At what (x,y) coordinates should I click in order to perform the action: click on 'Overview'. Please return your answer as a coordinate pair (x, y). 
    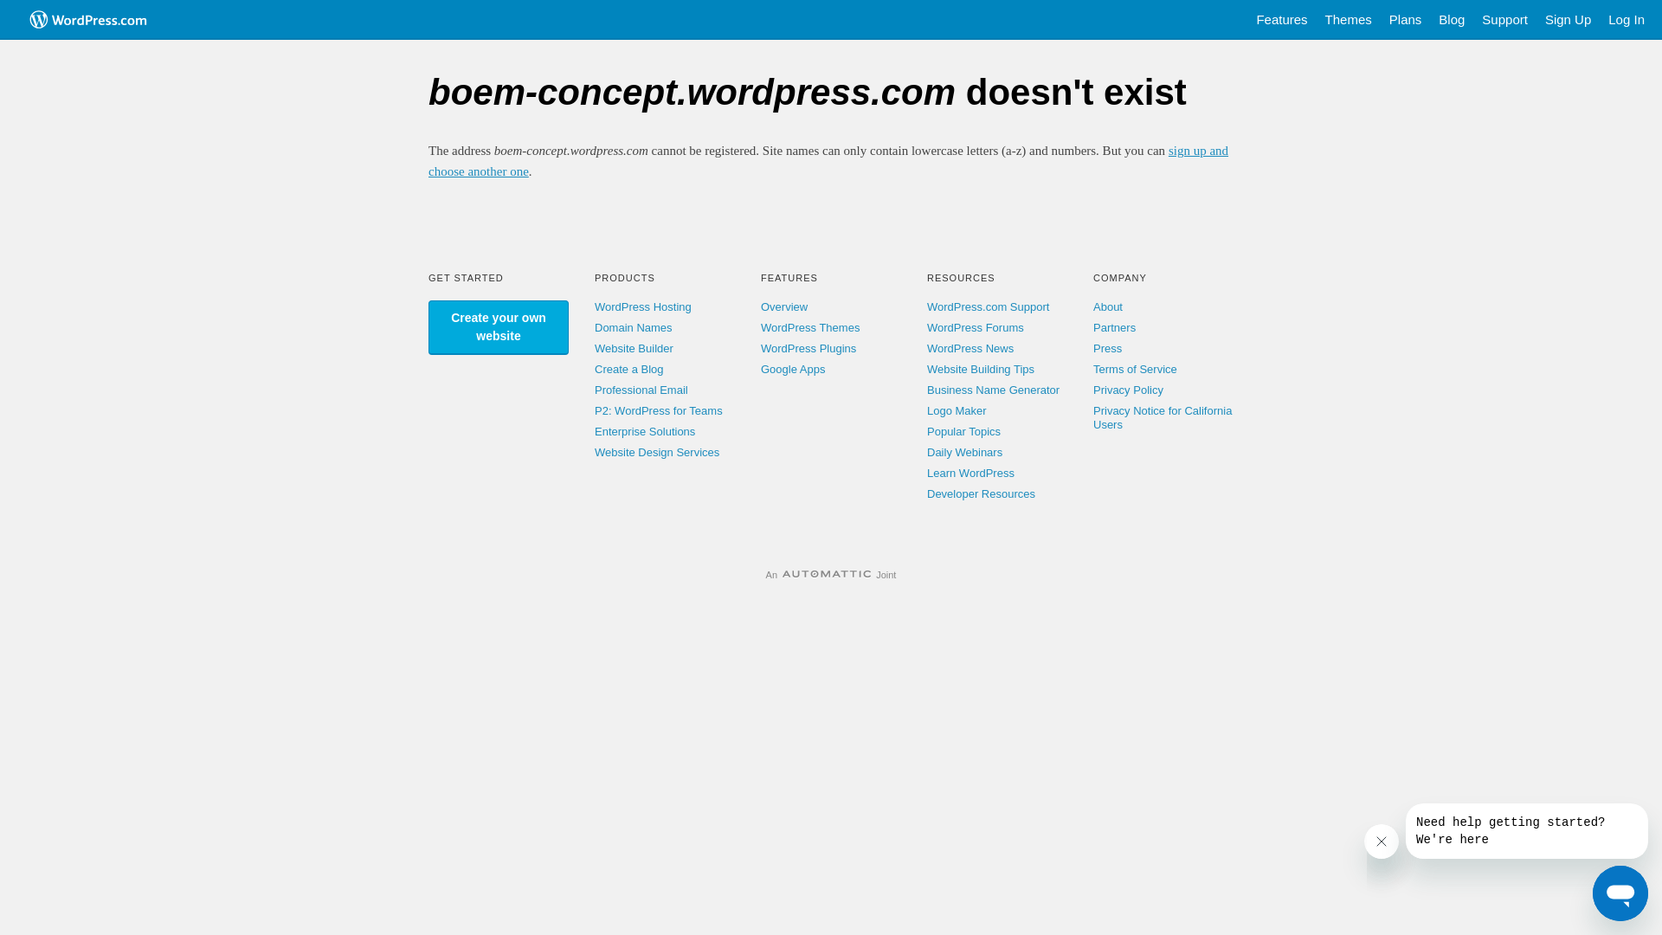
    Looking at the image, I should click on (783, 306).